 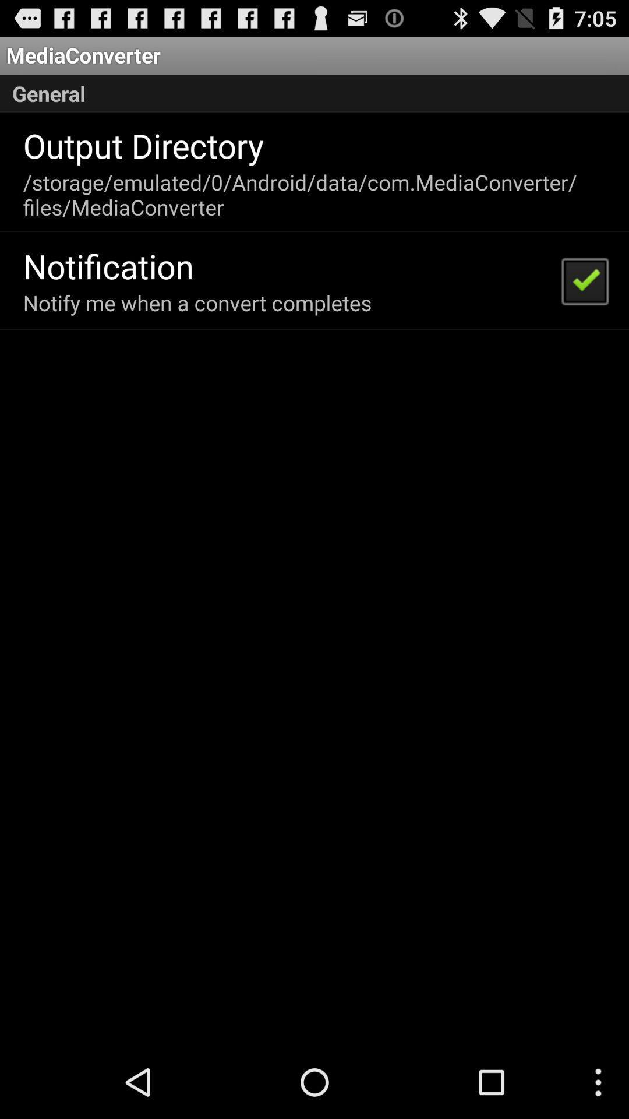 What do you see at coordinates (143, 145) in the screenshot?
I see `the output directory icon` at bounding box center [143, 145].